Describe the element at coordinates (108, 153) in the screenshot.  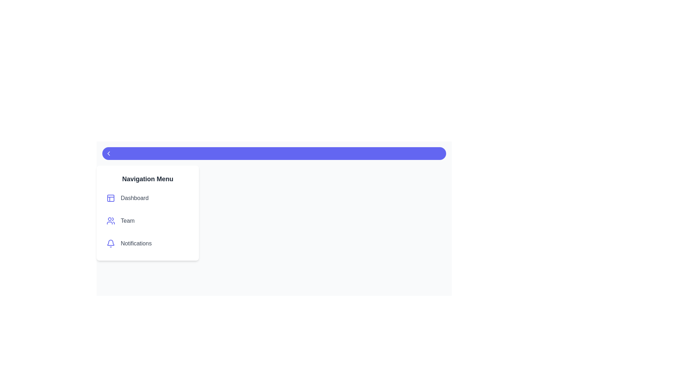
I see `toggle button to change the drawer's state` at that location.